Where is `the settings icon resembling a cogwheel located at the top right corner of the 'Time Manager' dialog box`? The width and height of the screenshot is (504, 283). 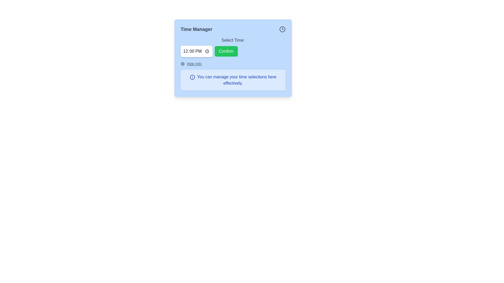 the settings icon resembling a cogwheel located at the top right corner of the 'Time Manager' dialog box is located at coordinates (183, 63).